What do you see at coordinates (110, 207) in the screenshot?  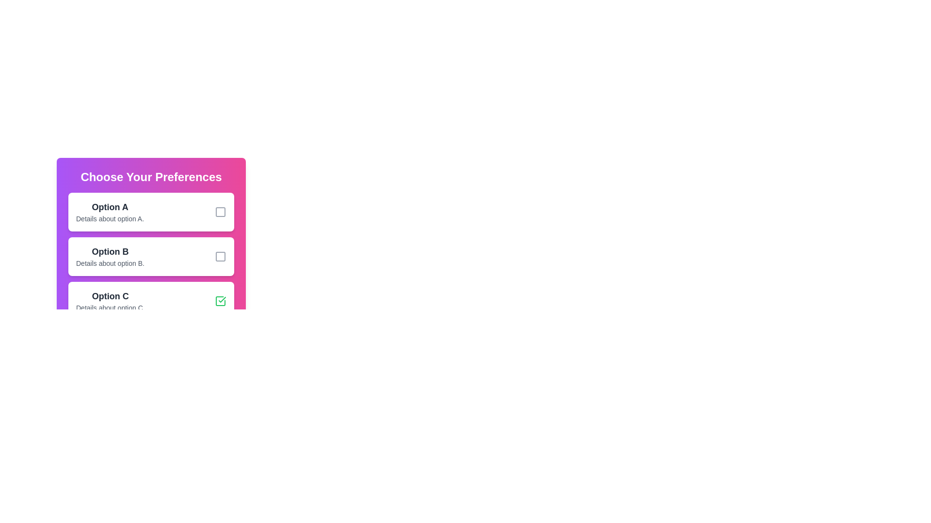 I see `the text label 'Option A', which is a bold header located at the top of the options selection interface` at bounding box center [110, 207].